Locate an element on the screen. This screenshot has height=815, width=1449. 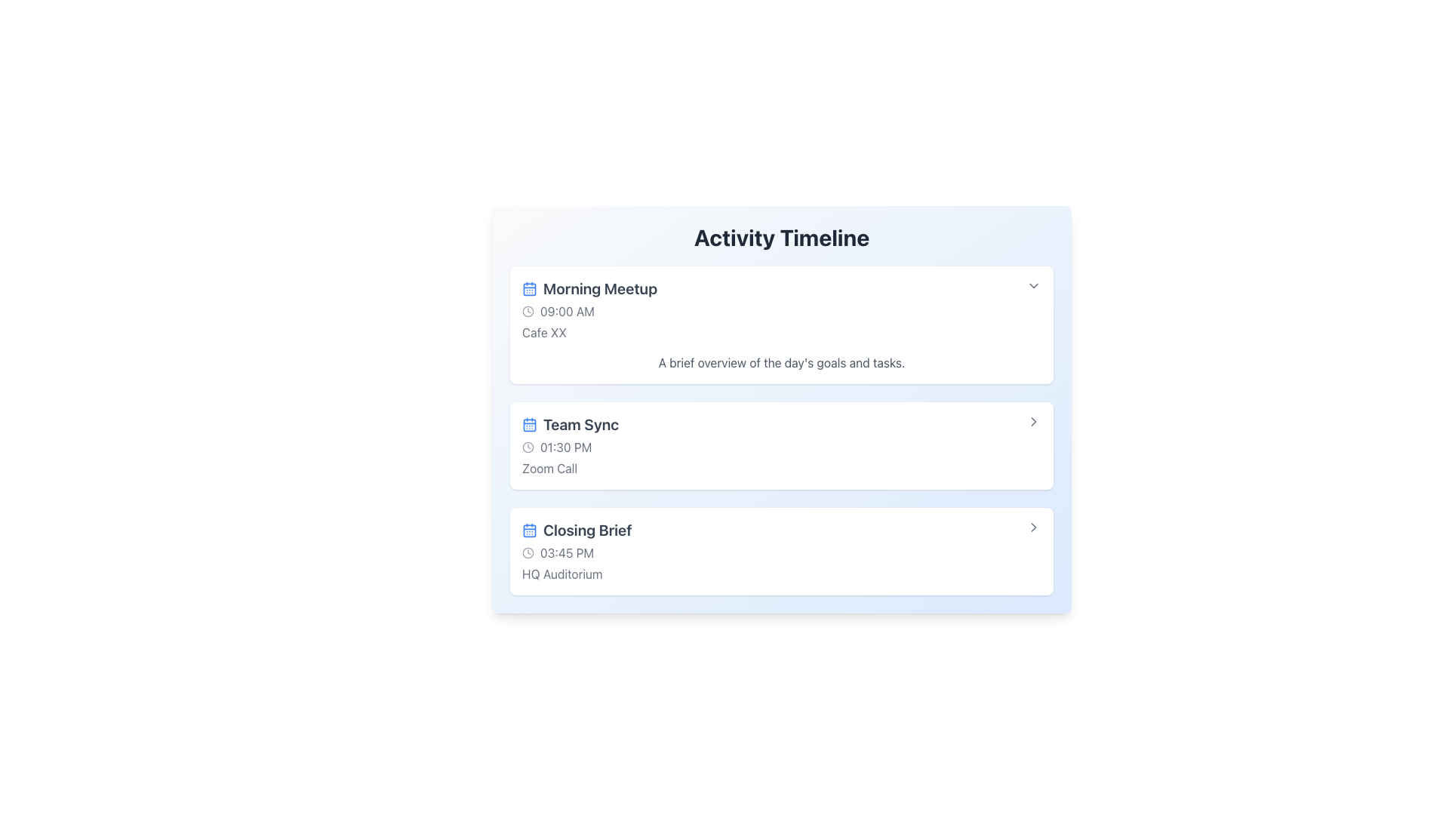
the text label with icon that provides the title of a scheduled event in the timeline, located directly under the 'Team Sync' event is located at coordinates (576, 529).